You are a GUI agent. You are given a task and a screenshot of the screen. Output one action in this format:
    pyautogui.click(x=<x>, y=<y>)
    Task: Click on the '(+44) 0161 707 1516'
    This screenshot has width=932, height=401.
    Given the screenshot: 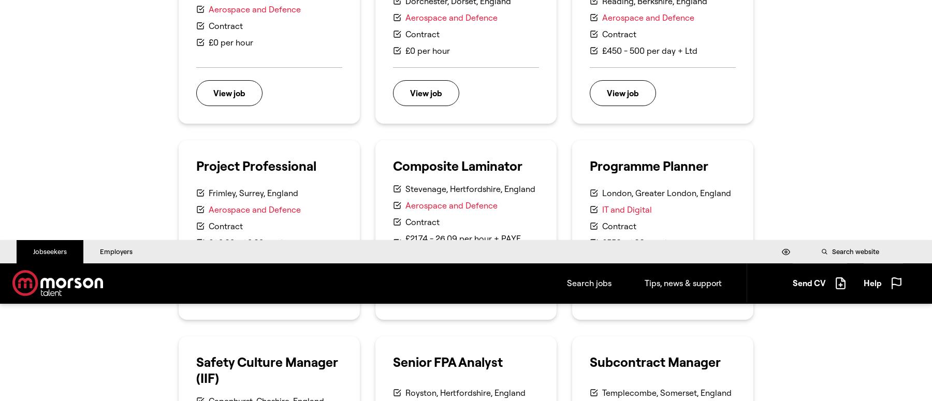 What is the action you would take?
    pyautogui.click(x=233, y=22)
    